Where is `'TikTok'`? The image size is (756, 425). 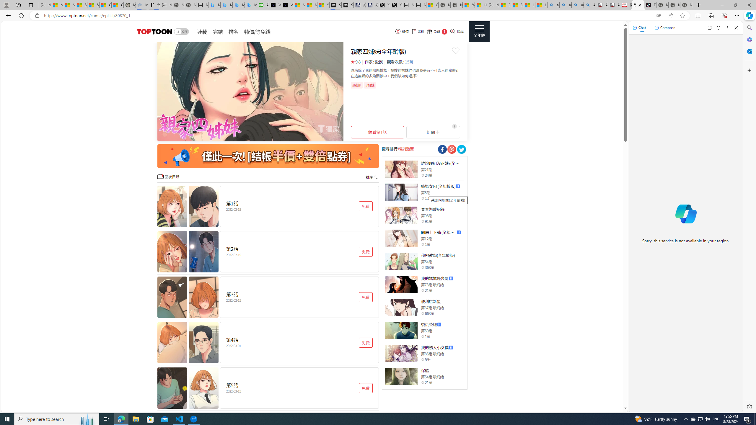
'TikTok' is located at coordinates (650, 5).